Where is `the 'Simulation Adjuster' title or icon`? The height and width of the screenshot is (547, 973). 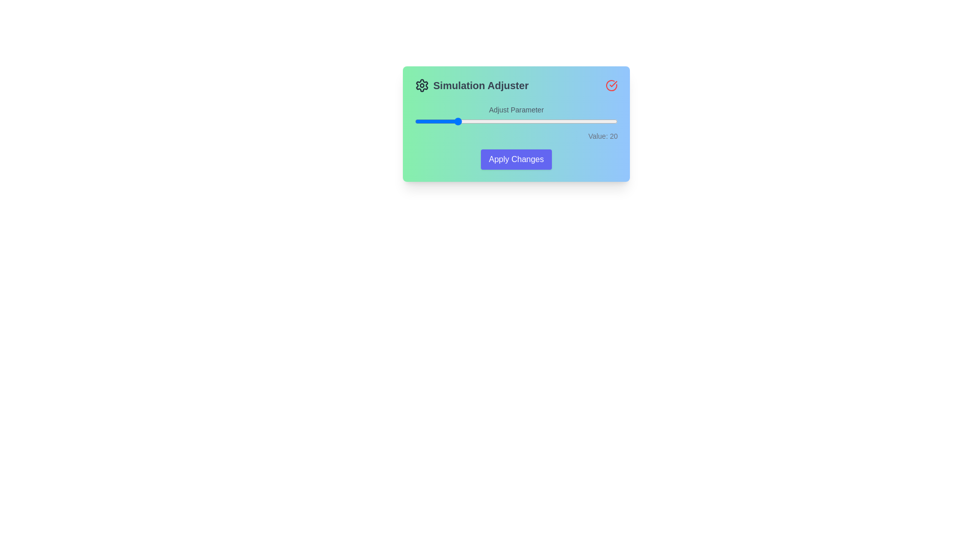
the 'Simulation Adjuster' title or icon is located at coordinates (422, 85).